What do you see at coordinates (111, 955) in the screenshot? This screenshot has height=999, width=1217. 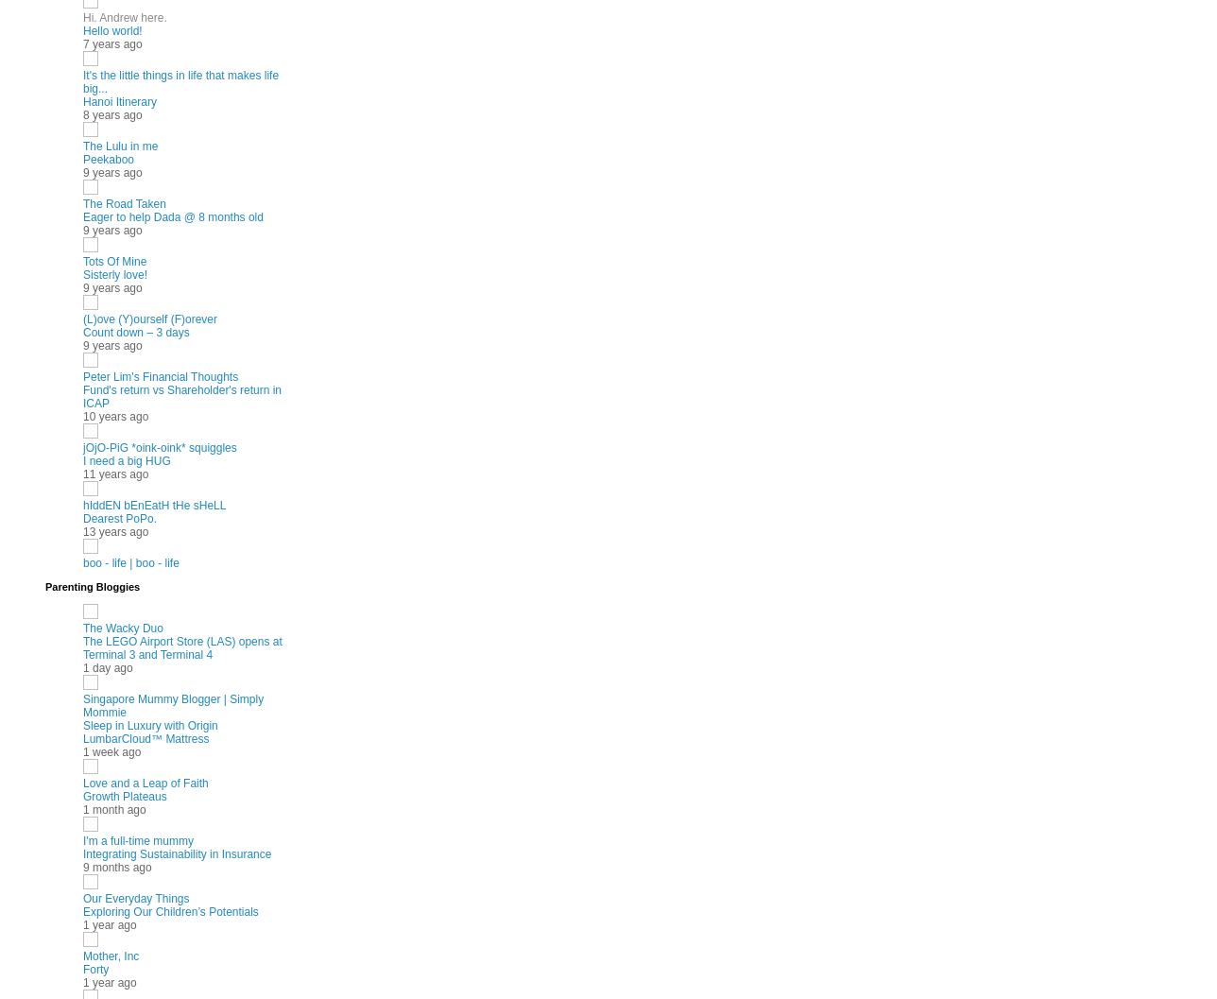 I see `'Mother, Inc'` at bounding box center [111, 955].